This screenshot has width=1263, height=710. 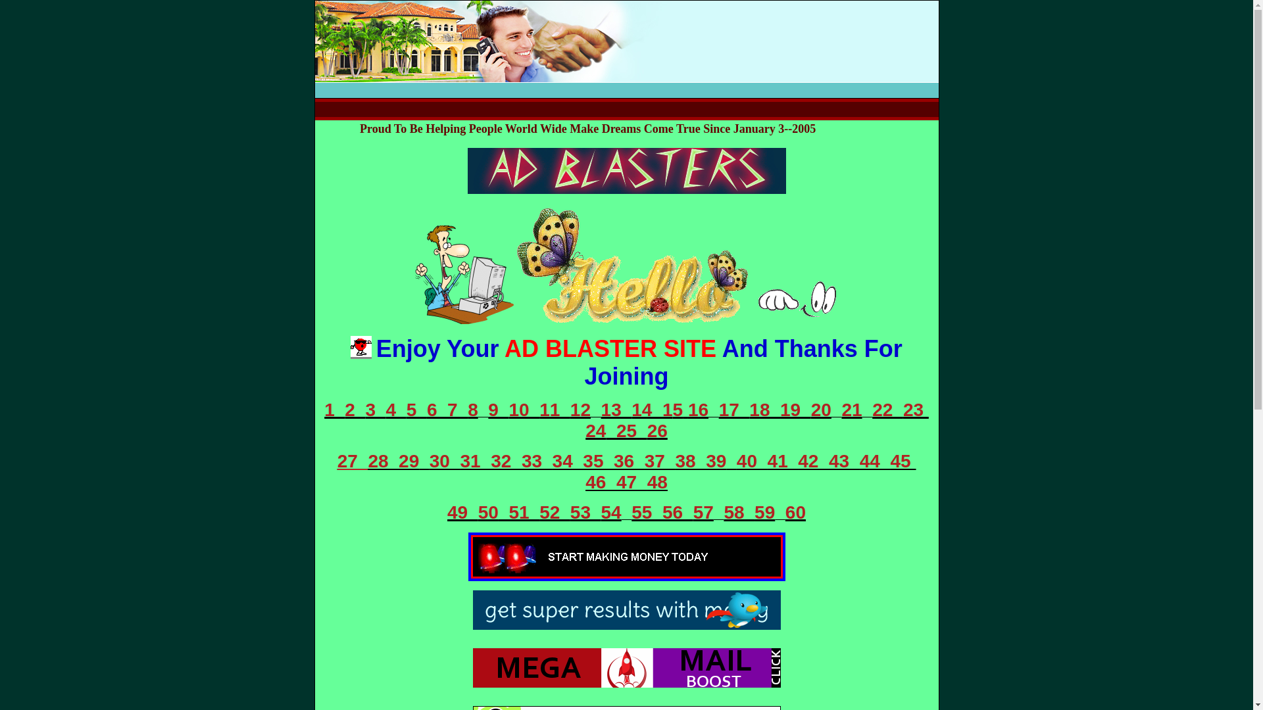 I want to click on '  25 ', so click(x=625, y=431).